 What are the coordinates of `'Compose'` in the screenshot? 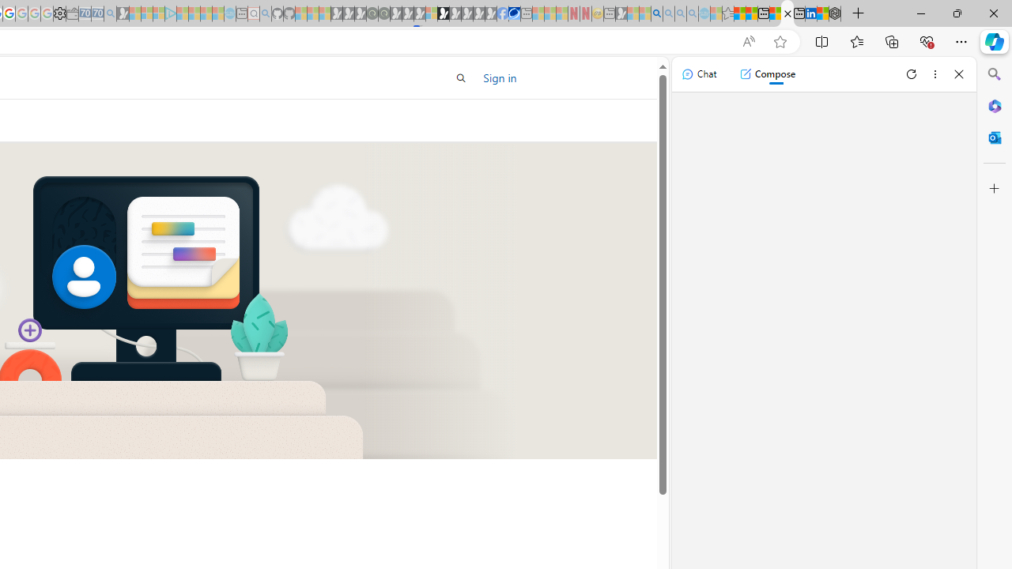 It's located at (767, 73).